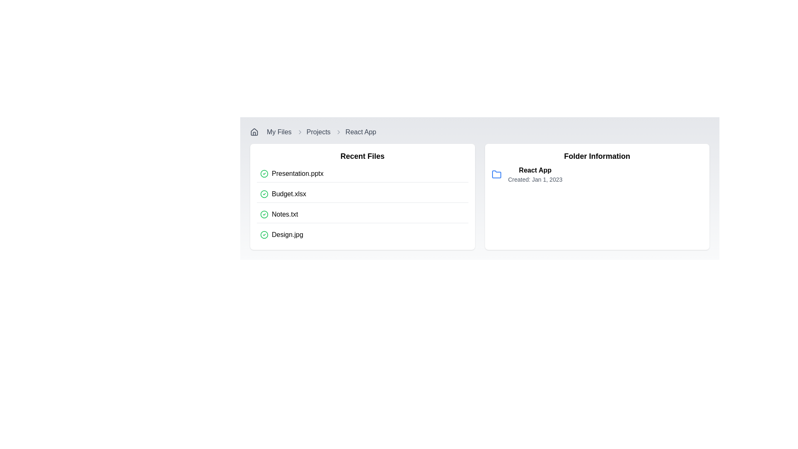 The width and height of the screenshot is (798, 449). What do you see at coordinates (264, 234) in the screenshot?
I see `the circular icon with a green stroke and checkmark located next to the 'Presentation.pptx' label in the recent files section, indicating successful or completed tasks` at bounding box center [264, 234].